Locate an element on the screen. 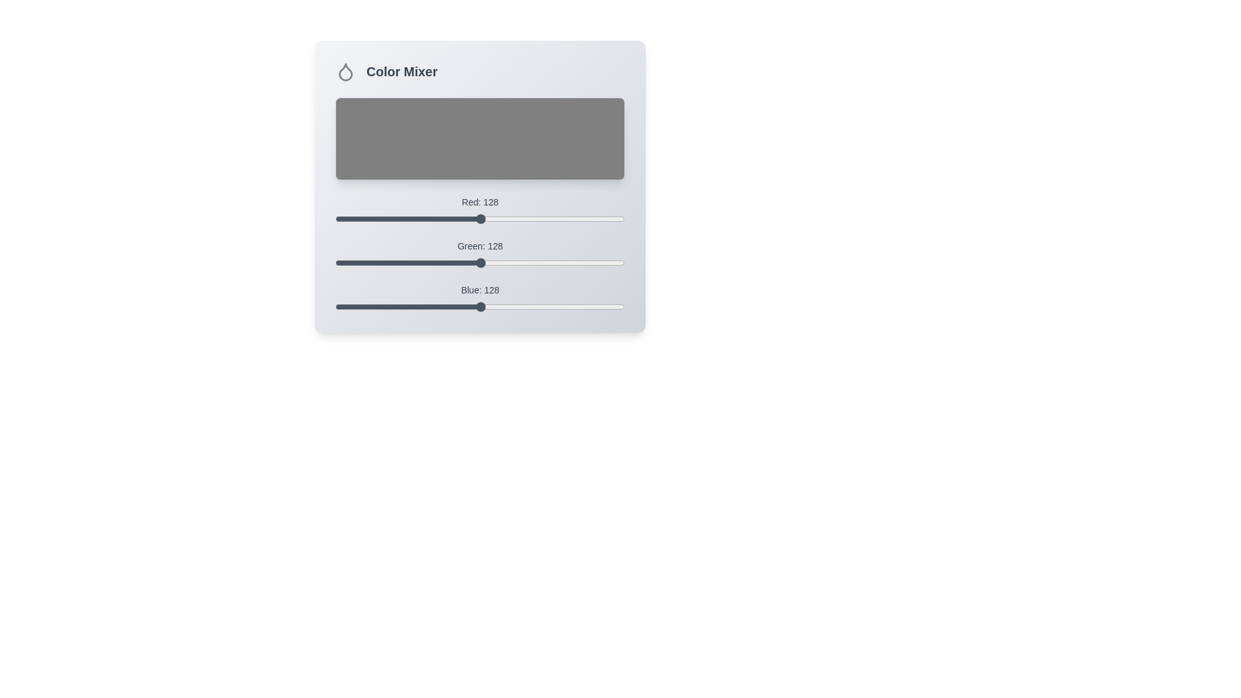  the red color slider to set the red value to 131 is located at coordinates (483, 218).